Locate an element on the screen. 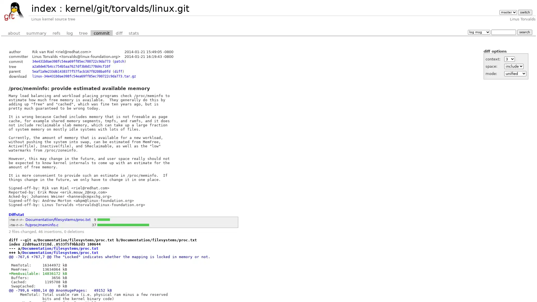 This screenshot has width=537, height=302. switch is located at coordinates (524, 12).